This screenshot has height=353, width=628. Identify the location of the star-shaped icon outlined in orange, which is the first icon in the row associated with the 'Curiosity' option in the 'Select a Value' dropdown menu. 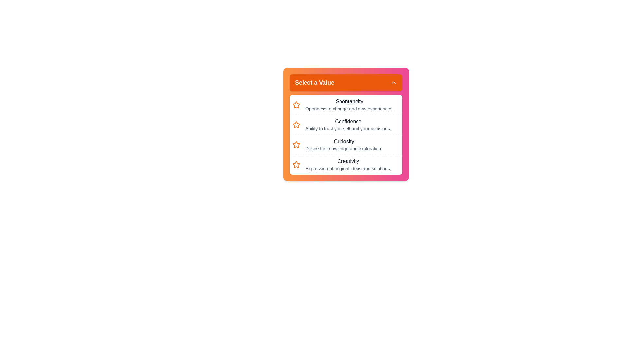
(296, 144).